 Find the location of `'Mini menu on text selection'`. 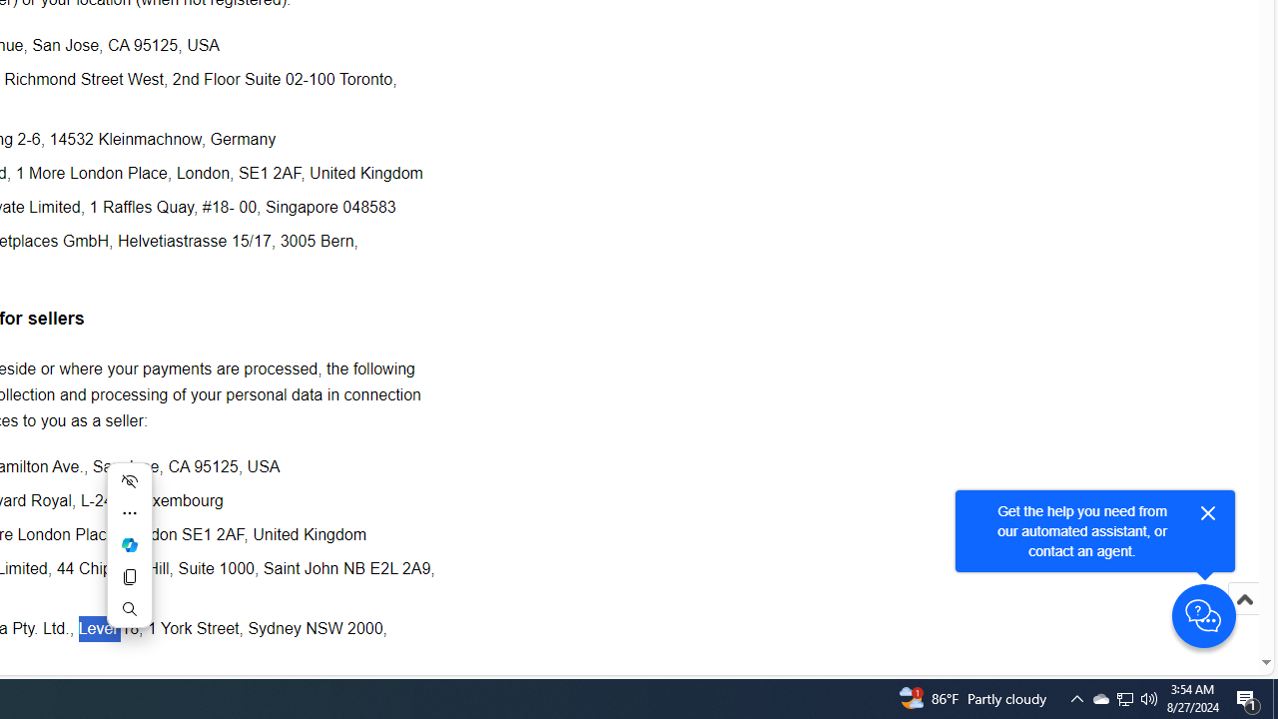

'Mini menu on text selection' is located at coordinates (128, 544).